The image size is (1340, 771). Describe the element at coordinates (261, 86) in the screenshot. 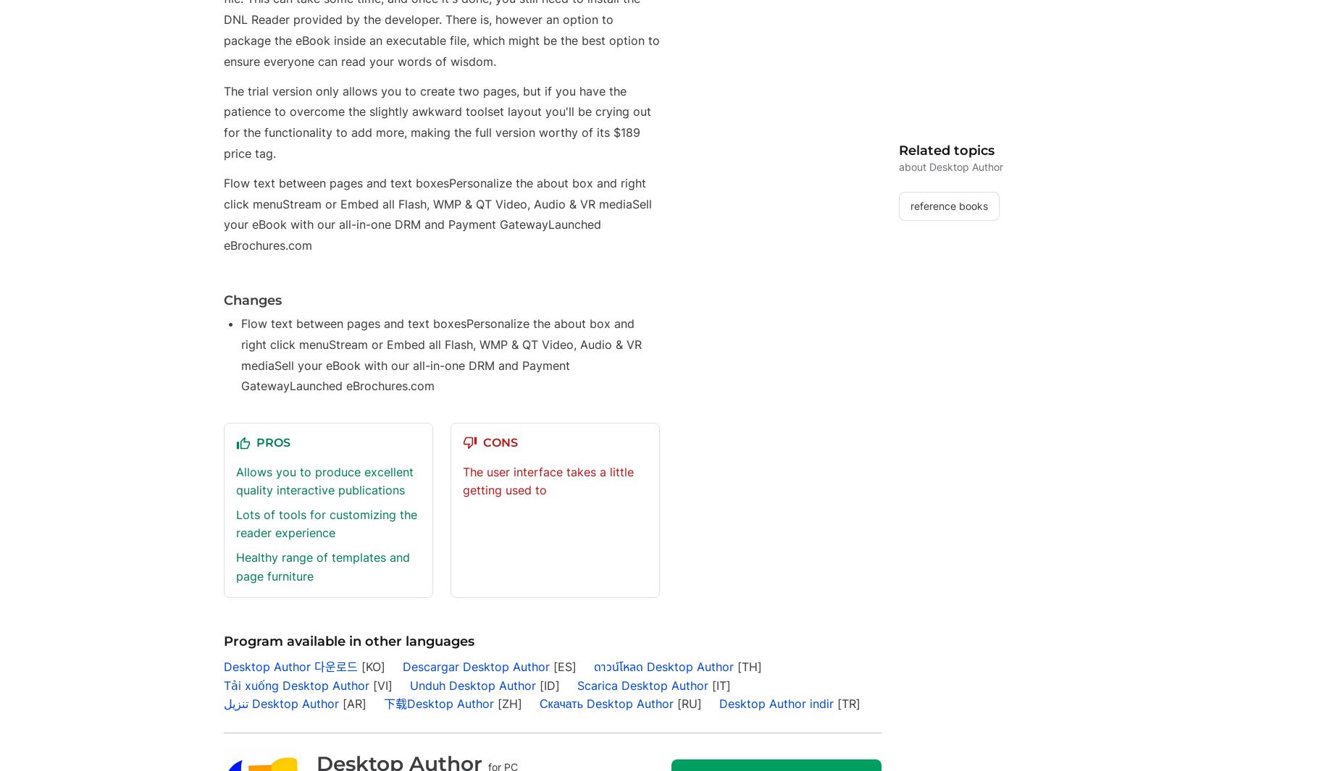

I see `'Softonic in:'` at that location.